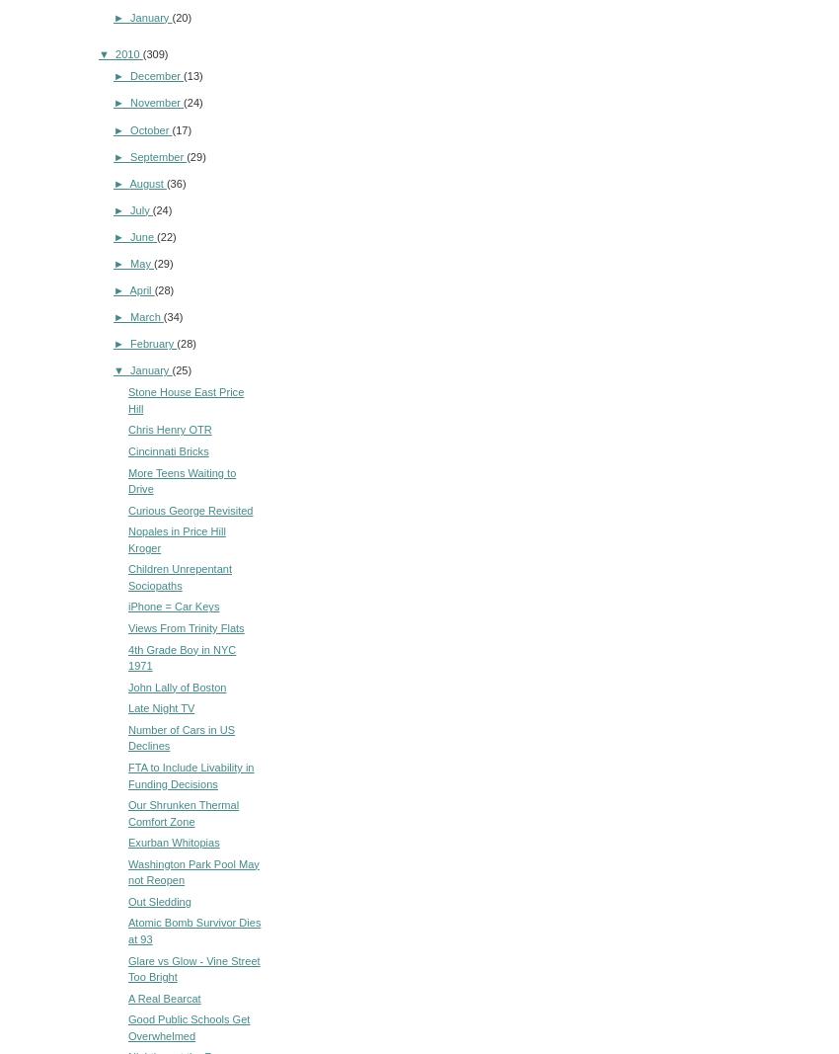 Image resolution: width=839 pixels, height=1054 pixels. What do you see at coordinates (153, 343) in the screenshot?
I see `'February'` at bounding box center [153, 343].